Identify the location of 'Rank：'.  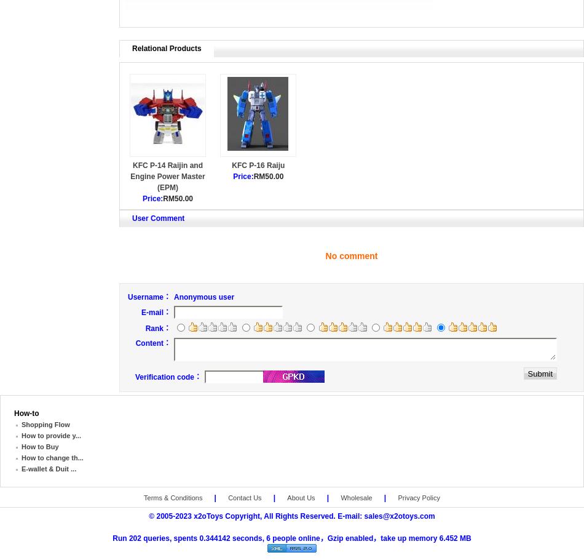
(157, 327).